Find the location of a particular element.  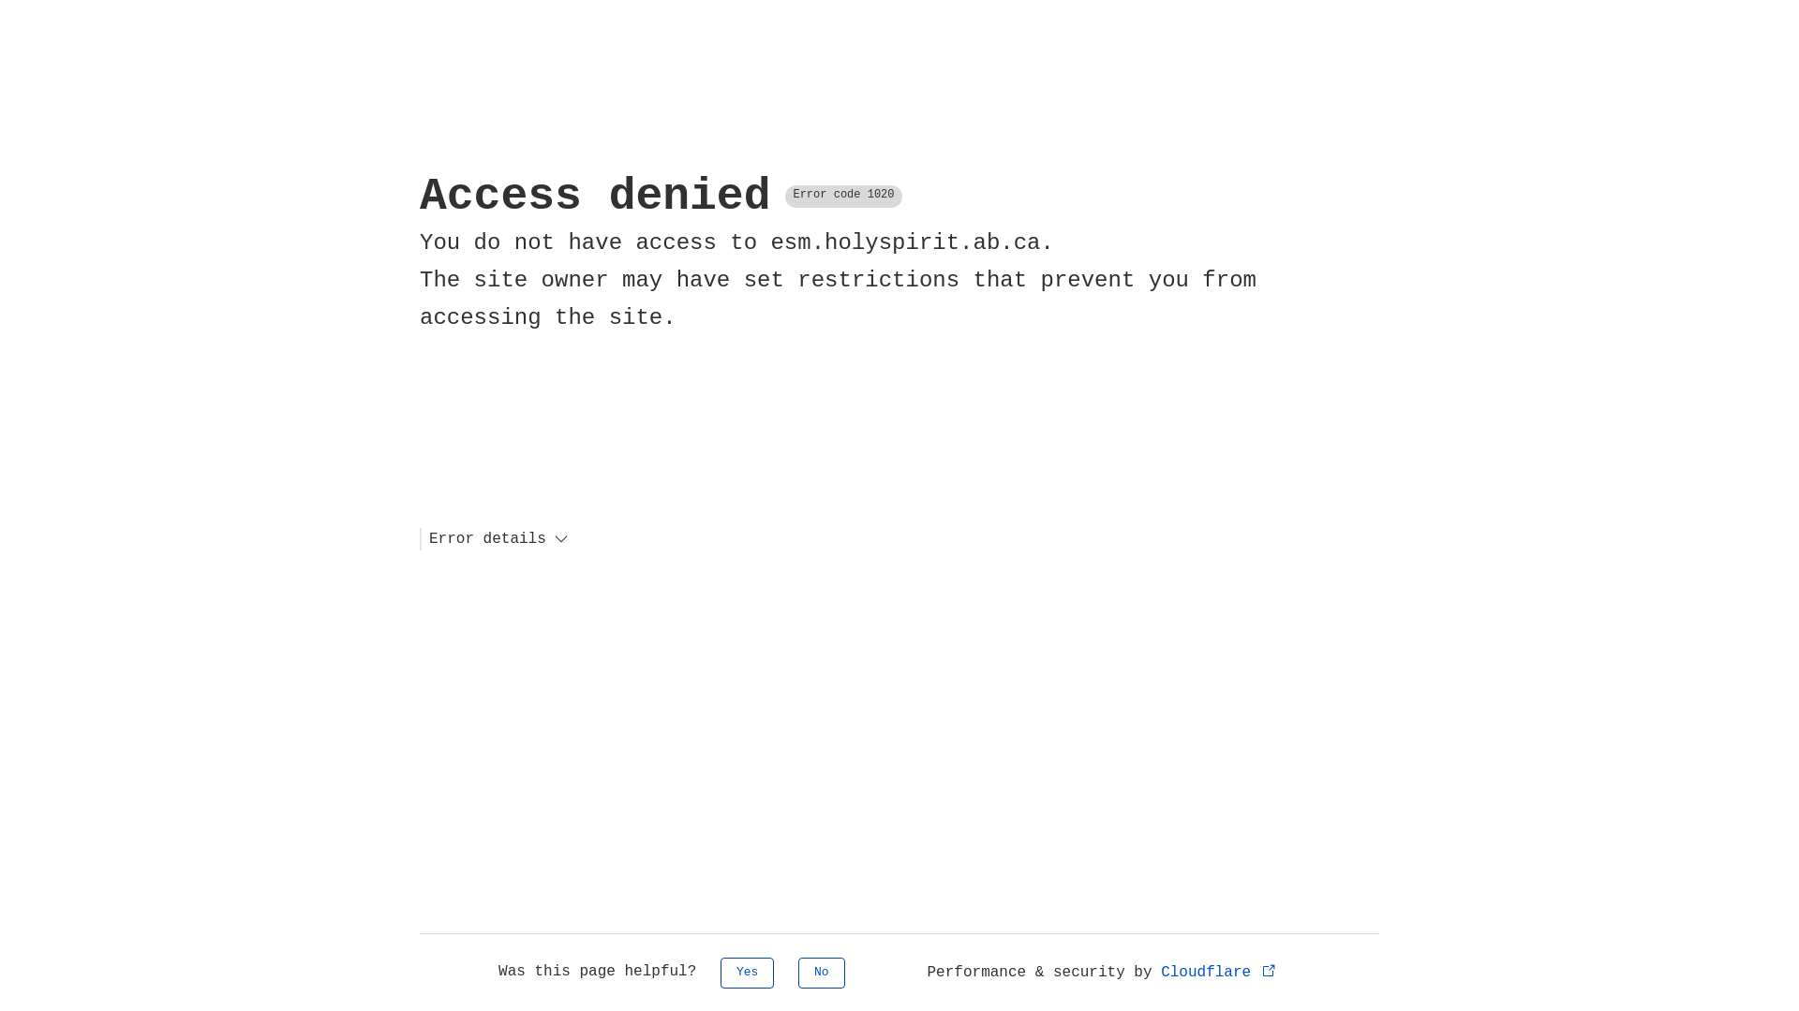

'Opens in new tab' is located at coordinates (1263, 969).